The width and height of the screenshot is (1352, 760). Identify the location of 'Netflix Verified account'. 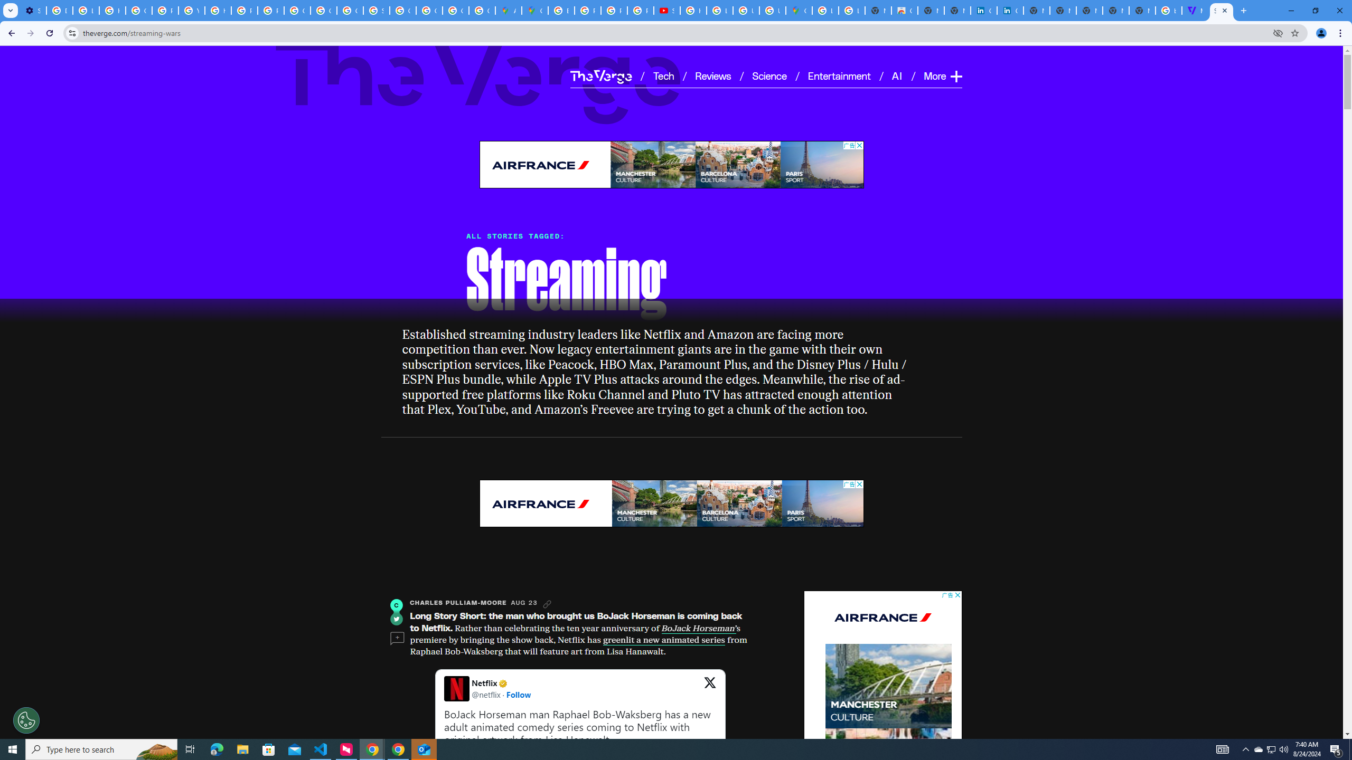
(501, 683).